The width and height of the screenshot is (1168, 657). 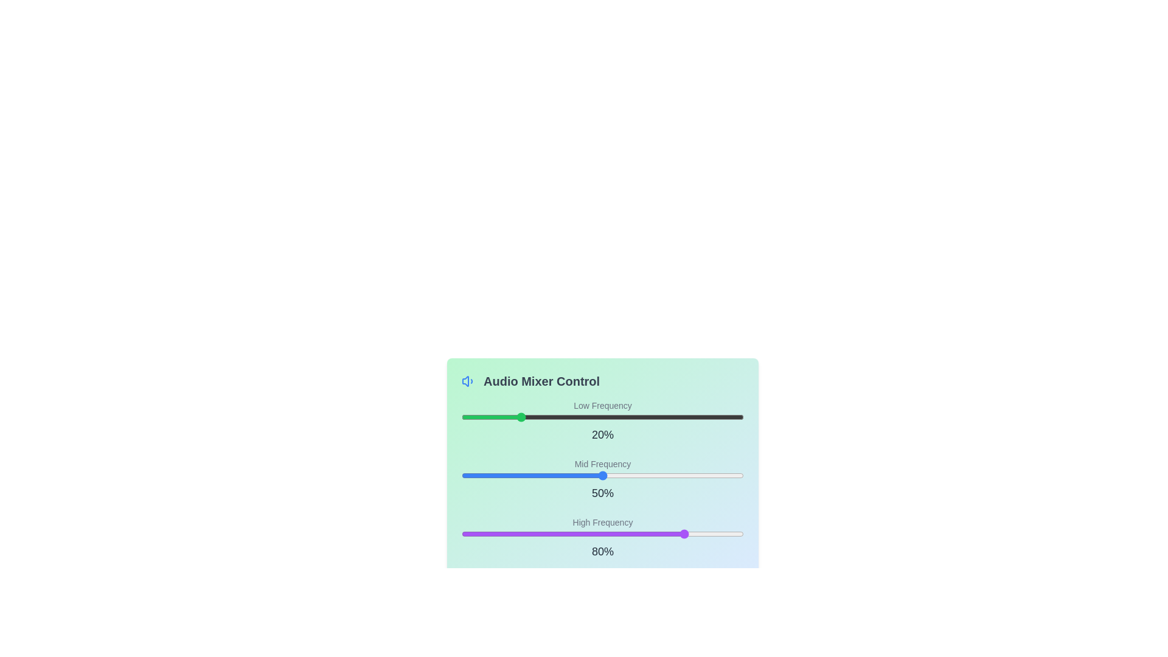 I want to click on the 'Mid Frequency' slider, so click(x=605, y=475).